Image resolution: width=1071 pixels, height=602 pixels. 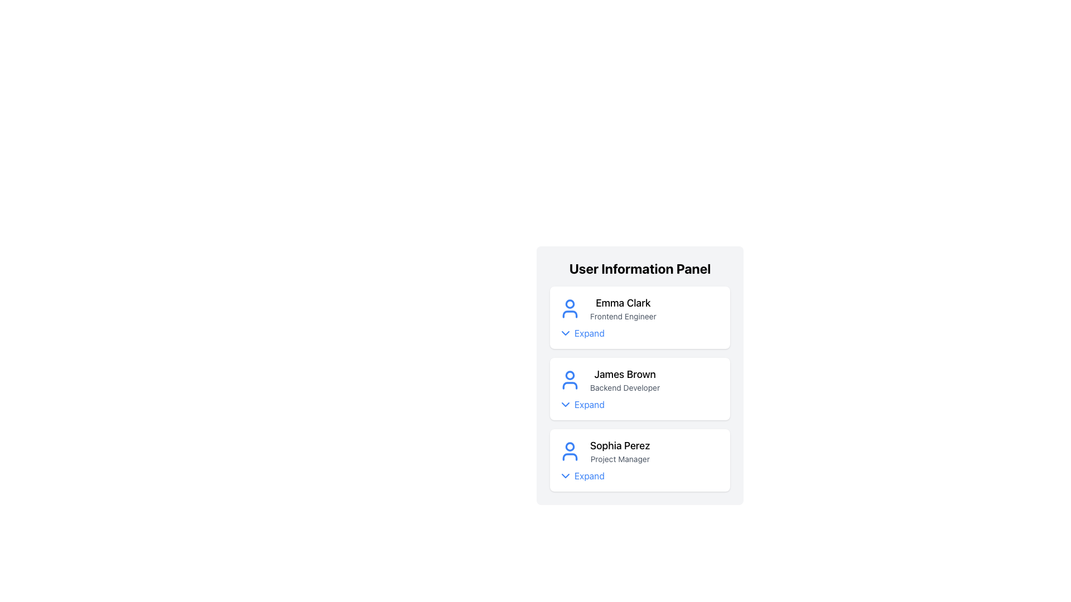 What do you see at coordinates (570, 452) in the screenshot?
I see `the blue user icon representing 'Sophia Perez Project Manager', which is located to the left of the text` at bounding box center [570, 452].